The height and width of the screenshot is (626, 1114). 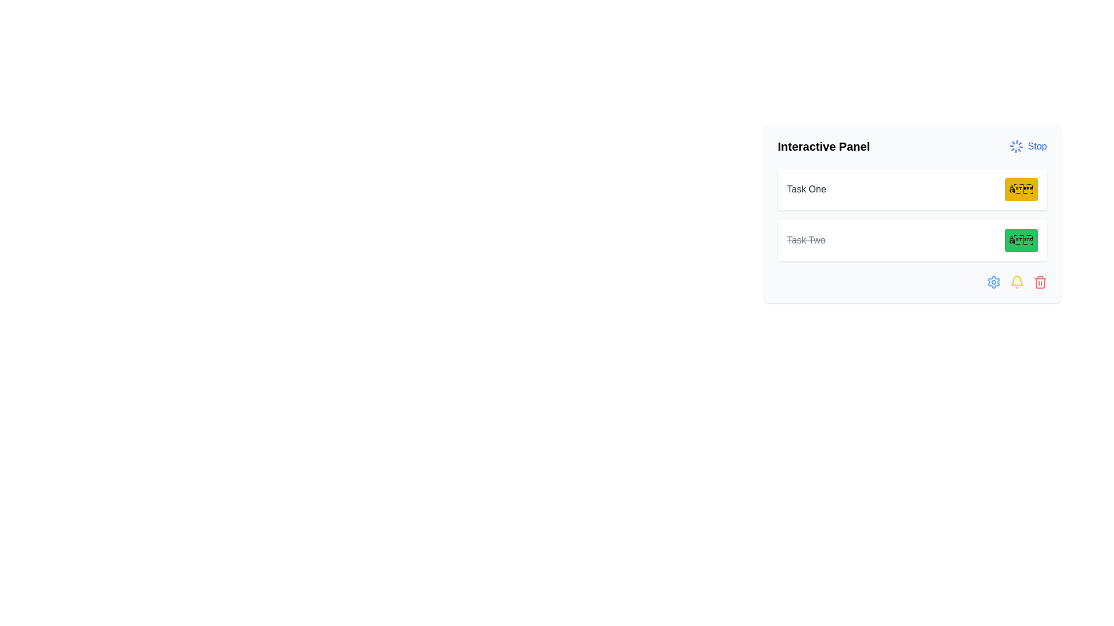 I want to click on the settings icon button with a gear symbol, styled with a blue outline, located in the bottom right corner of the panel, so click(x=993, y=282).